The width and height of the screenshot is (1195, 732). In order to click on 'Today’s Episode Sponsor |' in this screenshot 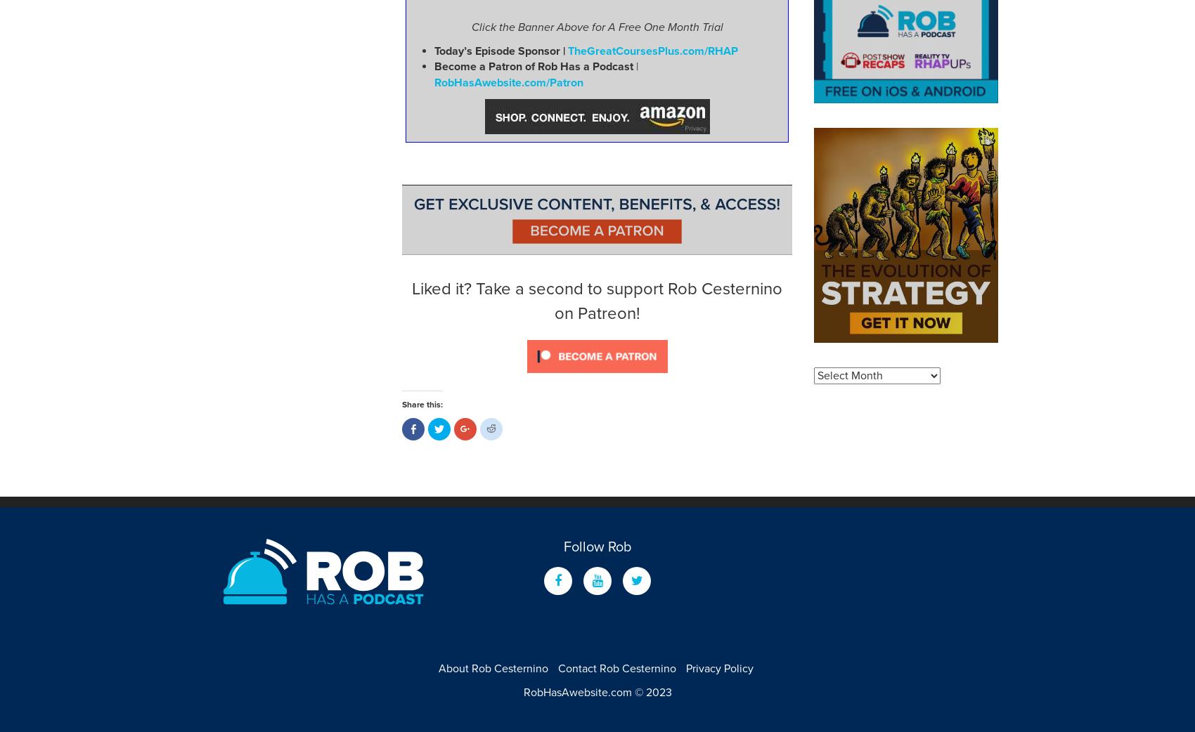, I will do `click(500, 50)`.